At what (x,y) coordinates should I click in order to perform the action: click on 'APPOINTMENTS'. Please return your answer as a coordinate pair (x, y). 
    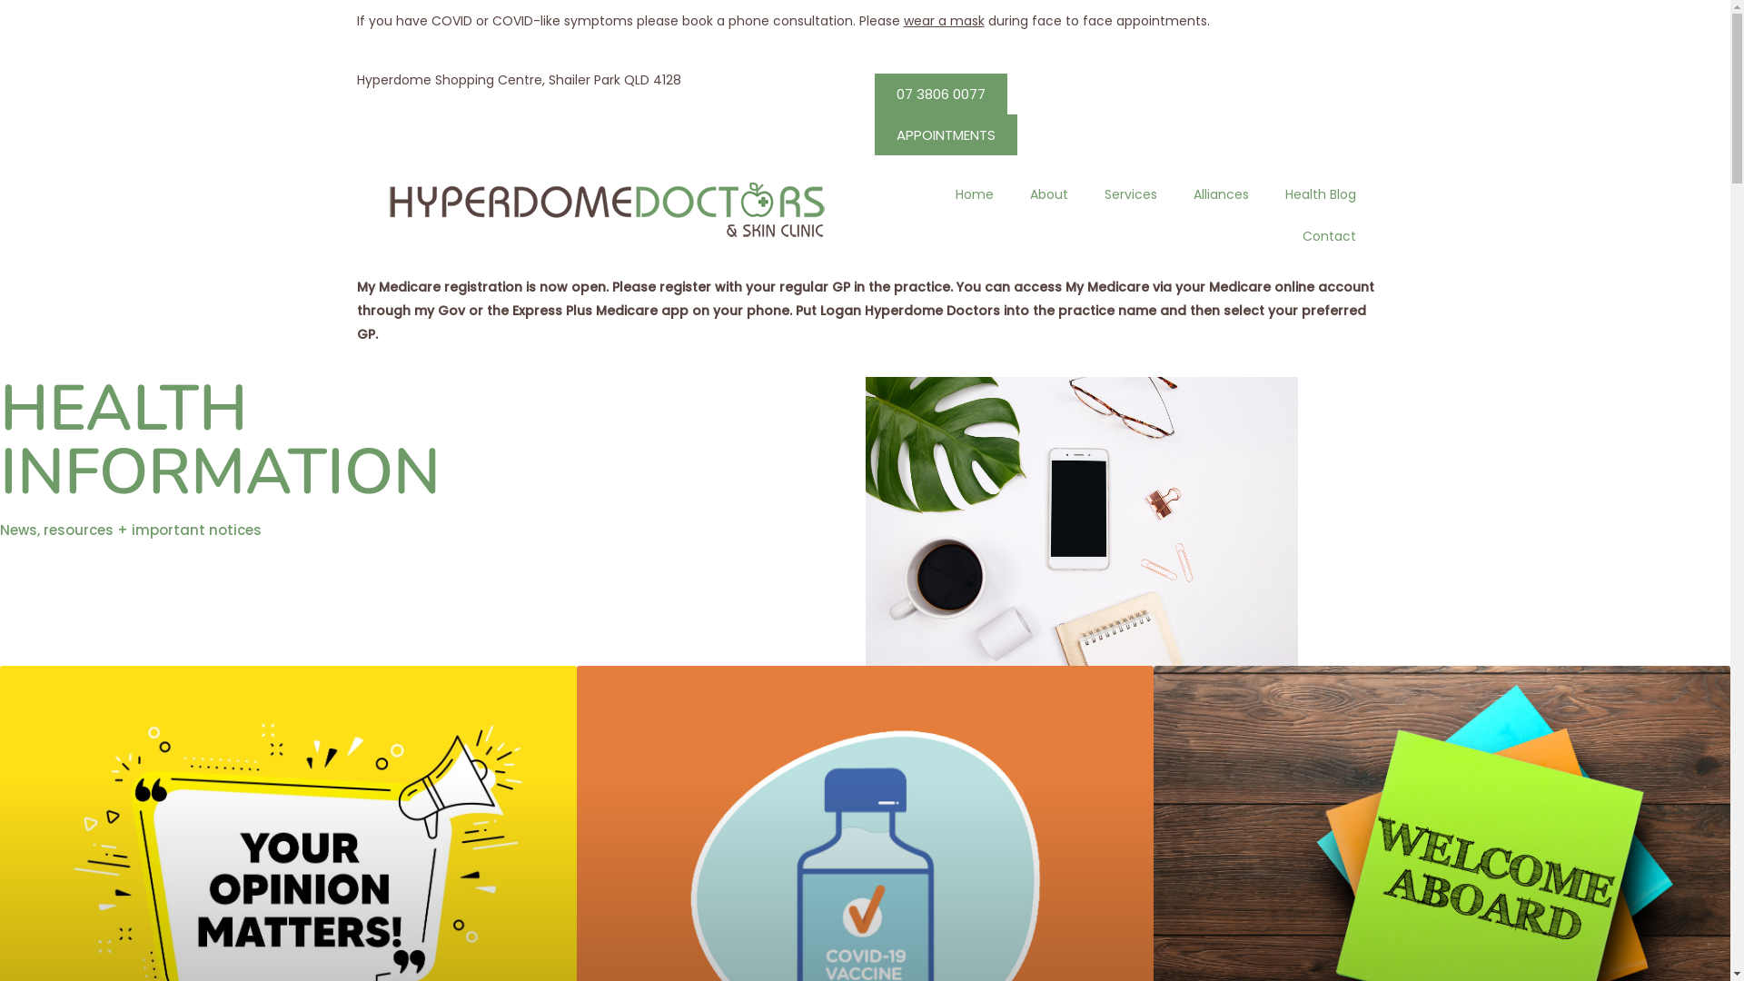
    Looking at the image, I should click on (945, 134).